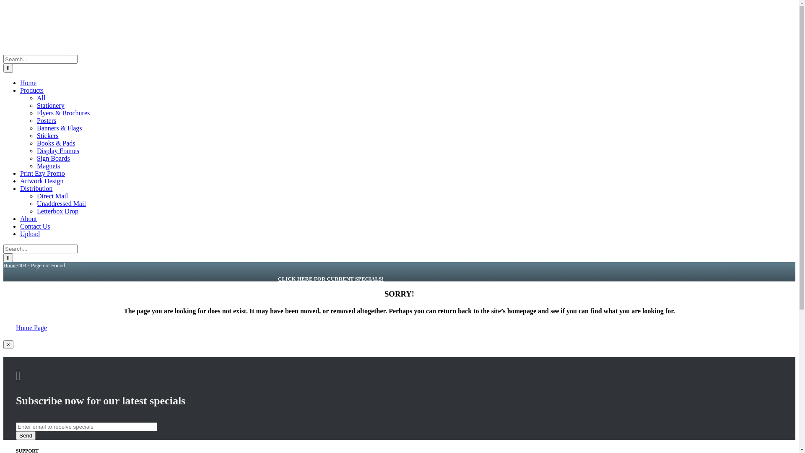 Image resolution: width=805 pixels, height=453 pixels. What do you see at coordinates (47, 135) in the screenshot?
I see `'Stickers'` at bounding box center [47, 135].